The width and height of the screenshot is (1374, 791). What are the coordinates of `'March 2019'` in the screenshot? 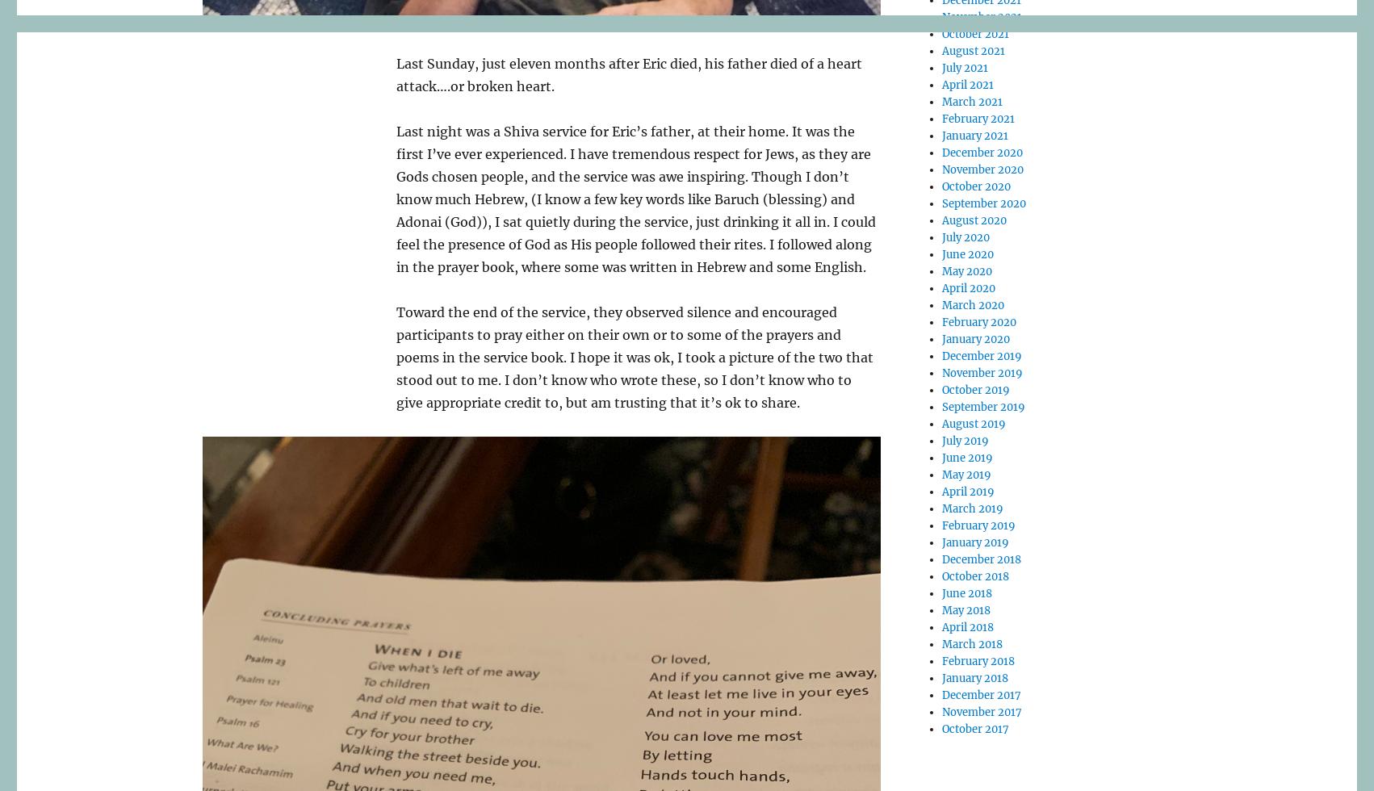 It's located at (973, 508).